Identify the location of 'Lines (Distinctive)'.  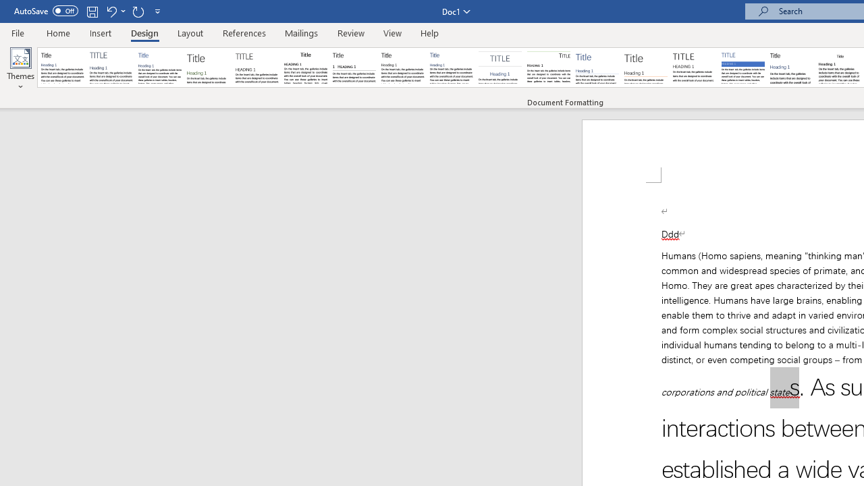
(548, 67).